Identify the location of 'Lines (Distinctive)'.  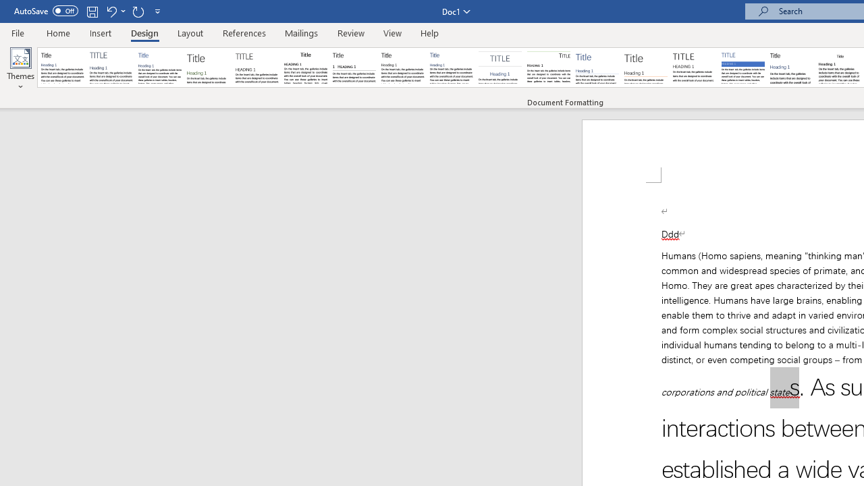
(548, 67).